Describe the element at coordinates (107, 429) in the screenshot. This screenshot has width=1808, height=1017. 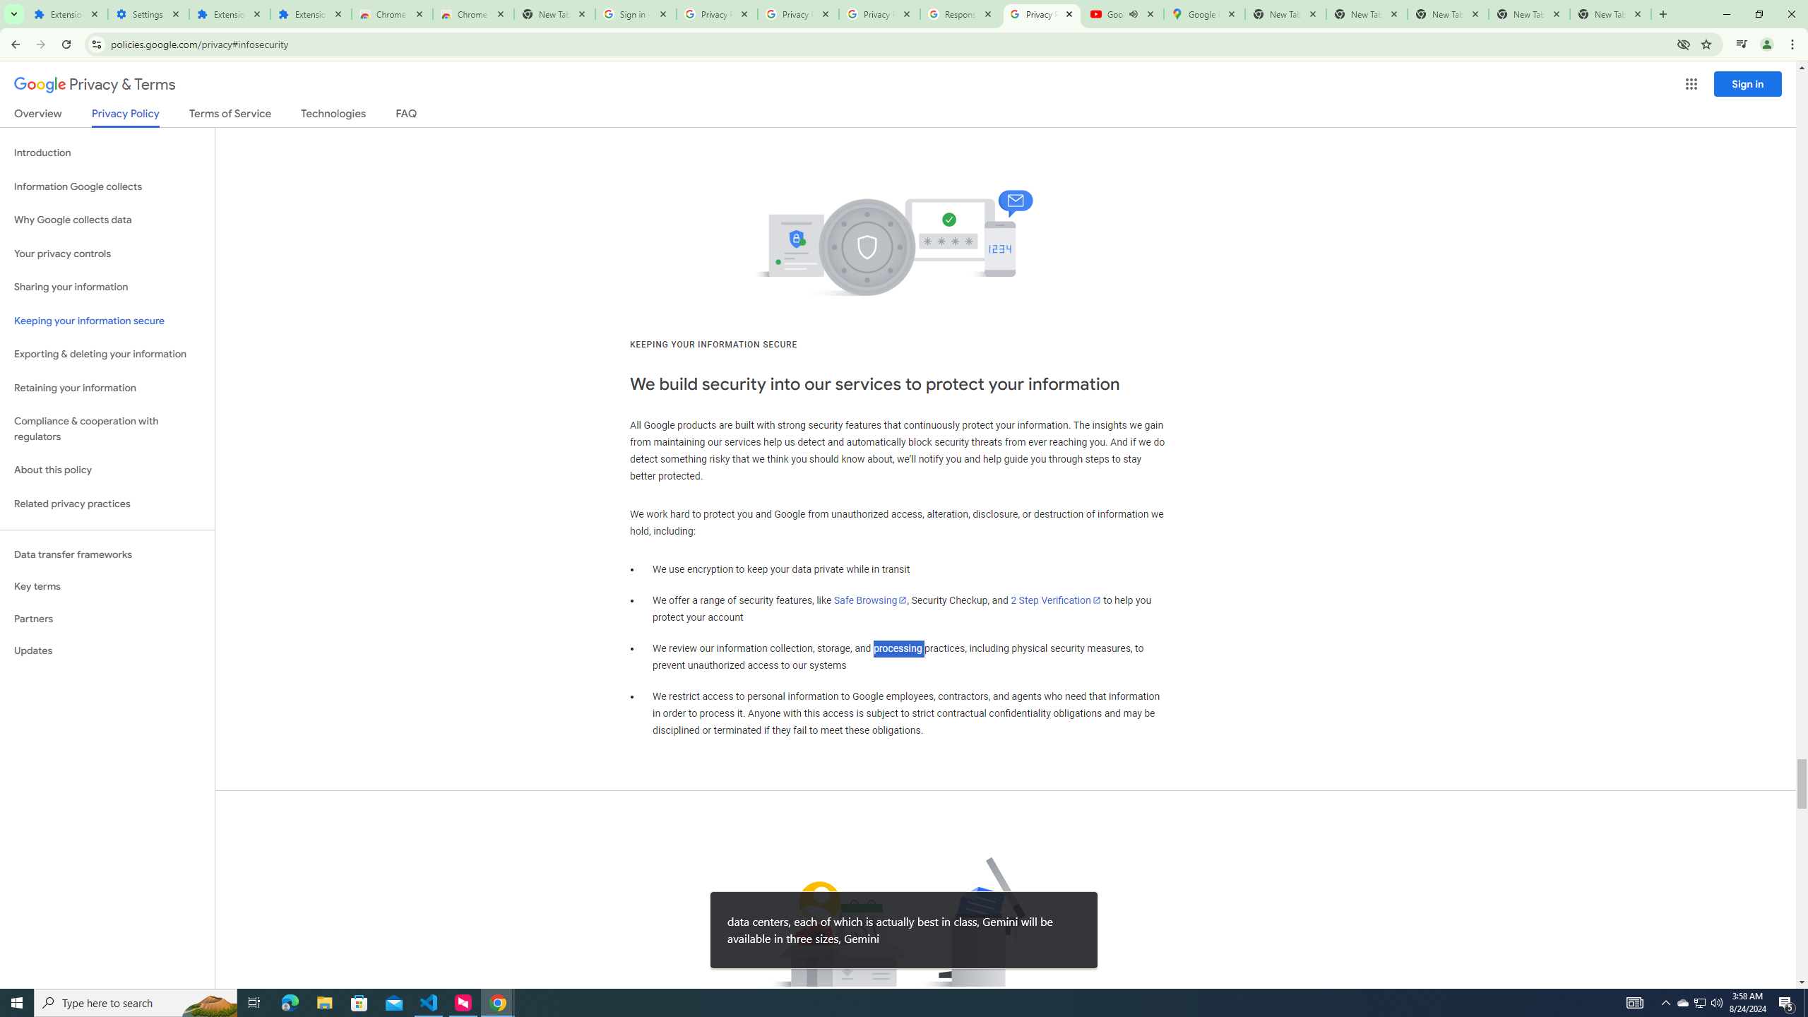
I see `'Compliance & cooperation with regulators'` at that location.